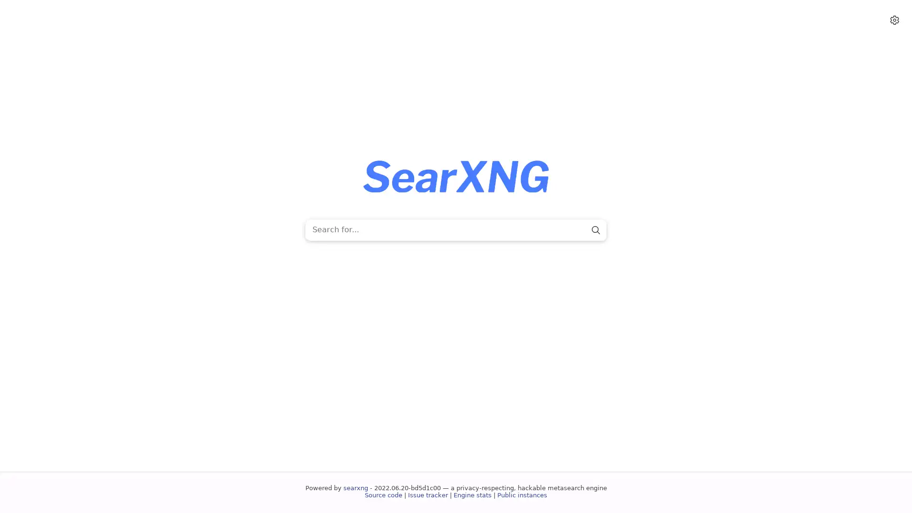  What do you see at coordinates (579, 229) in the screenshot?
I see `clear` at bounding box center [579, 229].